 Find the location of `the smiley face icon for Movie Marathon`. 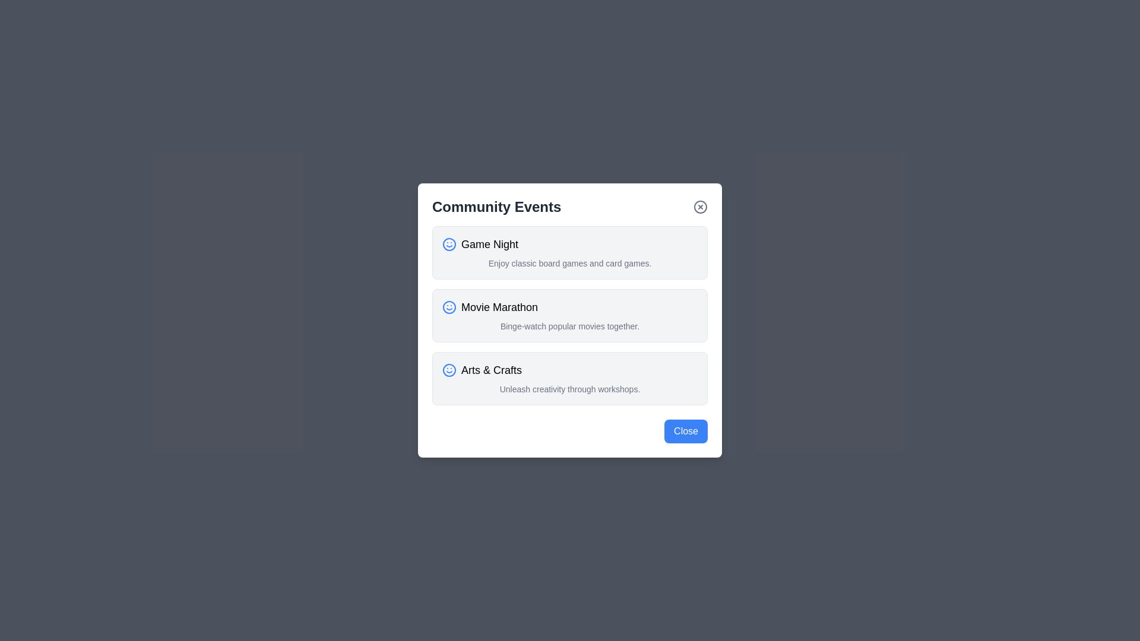

the smiley face icon for Movie Marathon is located at coordinates (449, 306).